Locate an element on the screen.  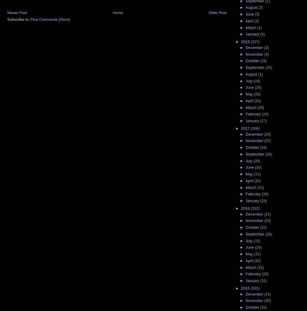
'2018' is located at coordinates (241, 42).